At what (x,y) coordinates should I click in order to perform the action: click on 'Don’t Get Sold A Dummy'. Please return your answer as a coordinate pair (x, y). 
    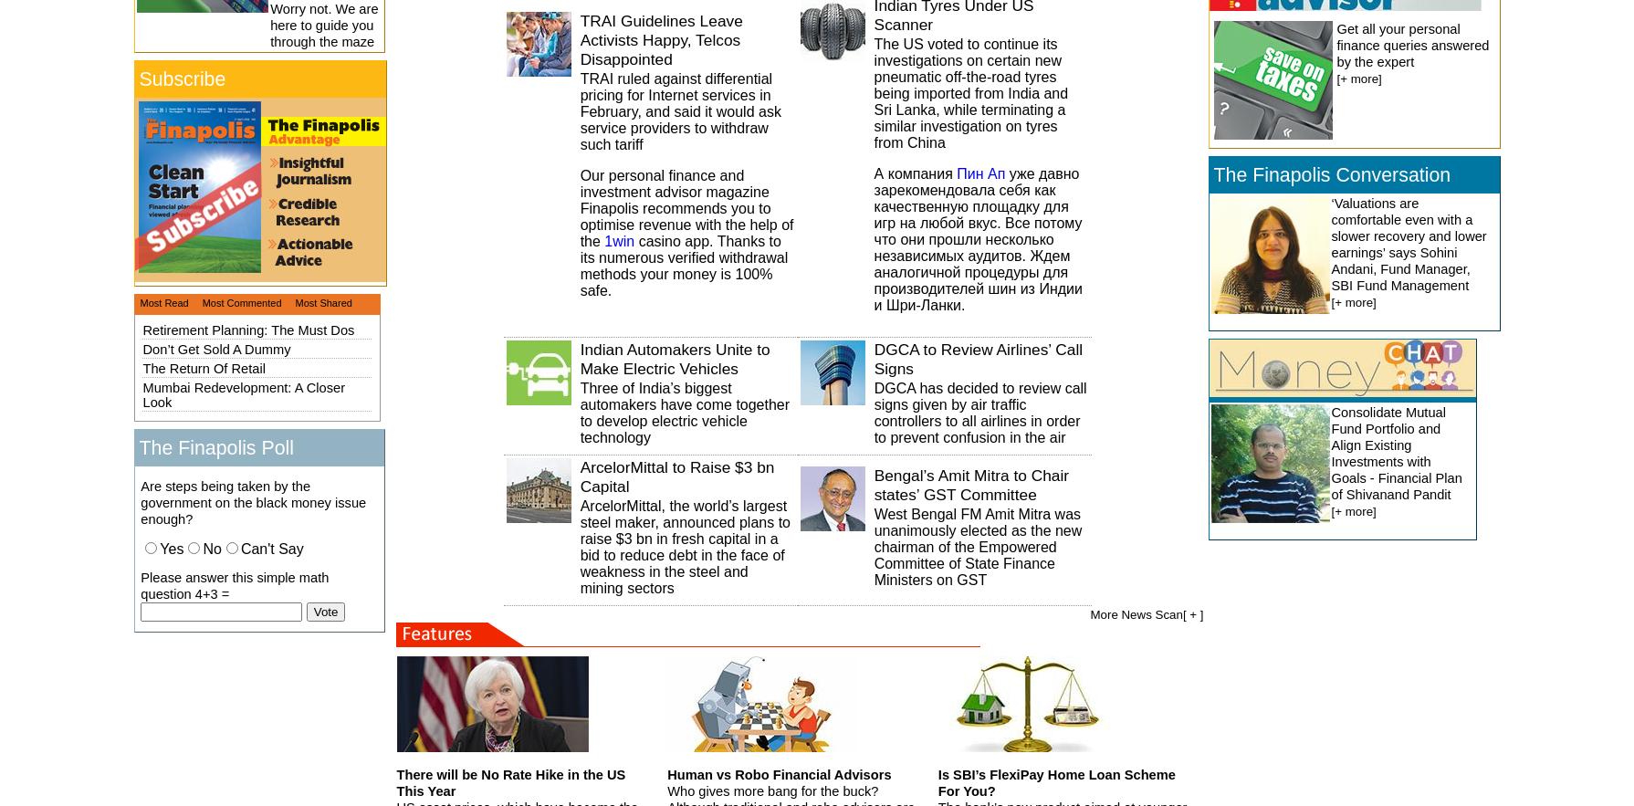
    Looking at the image, I should click on (215, 348).